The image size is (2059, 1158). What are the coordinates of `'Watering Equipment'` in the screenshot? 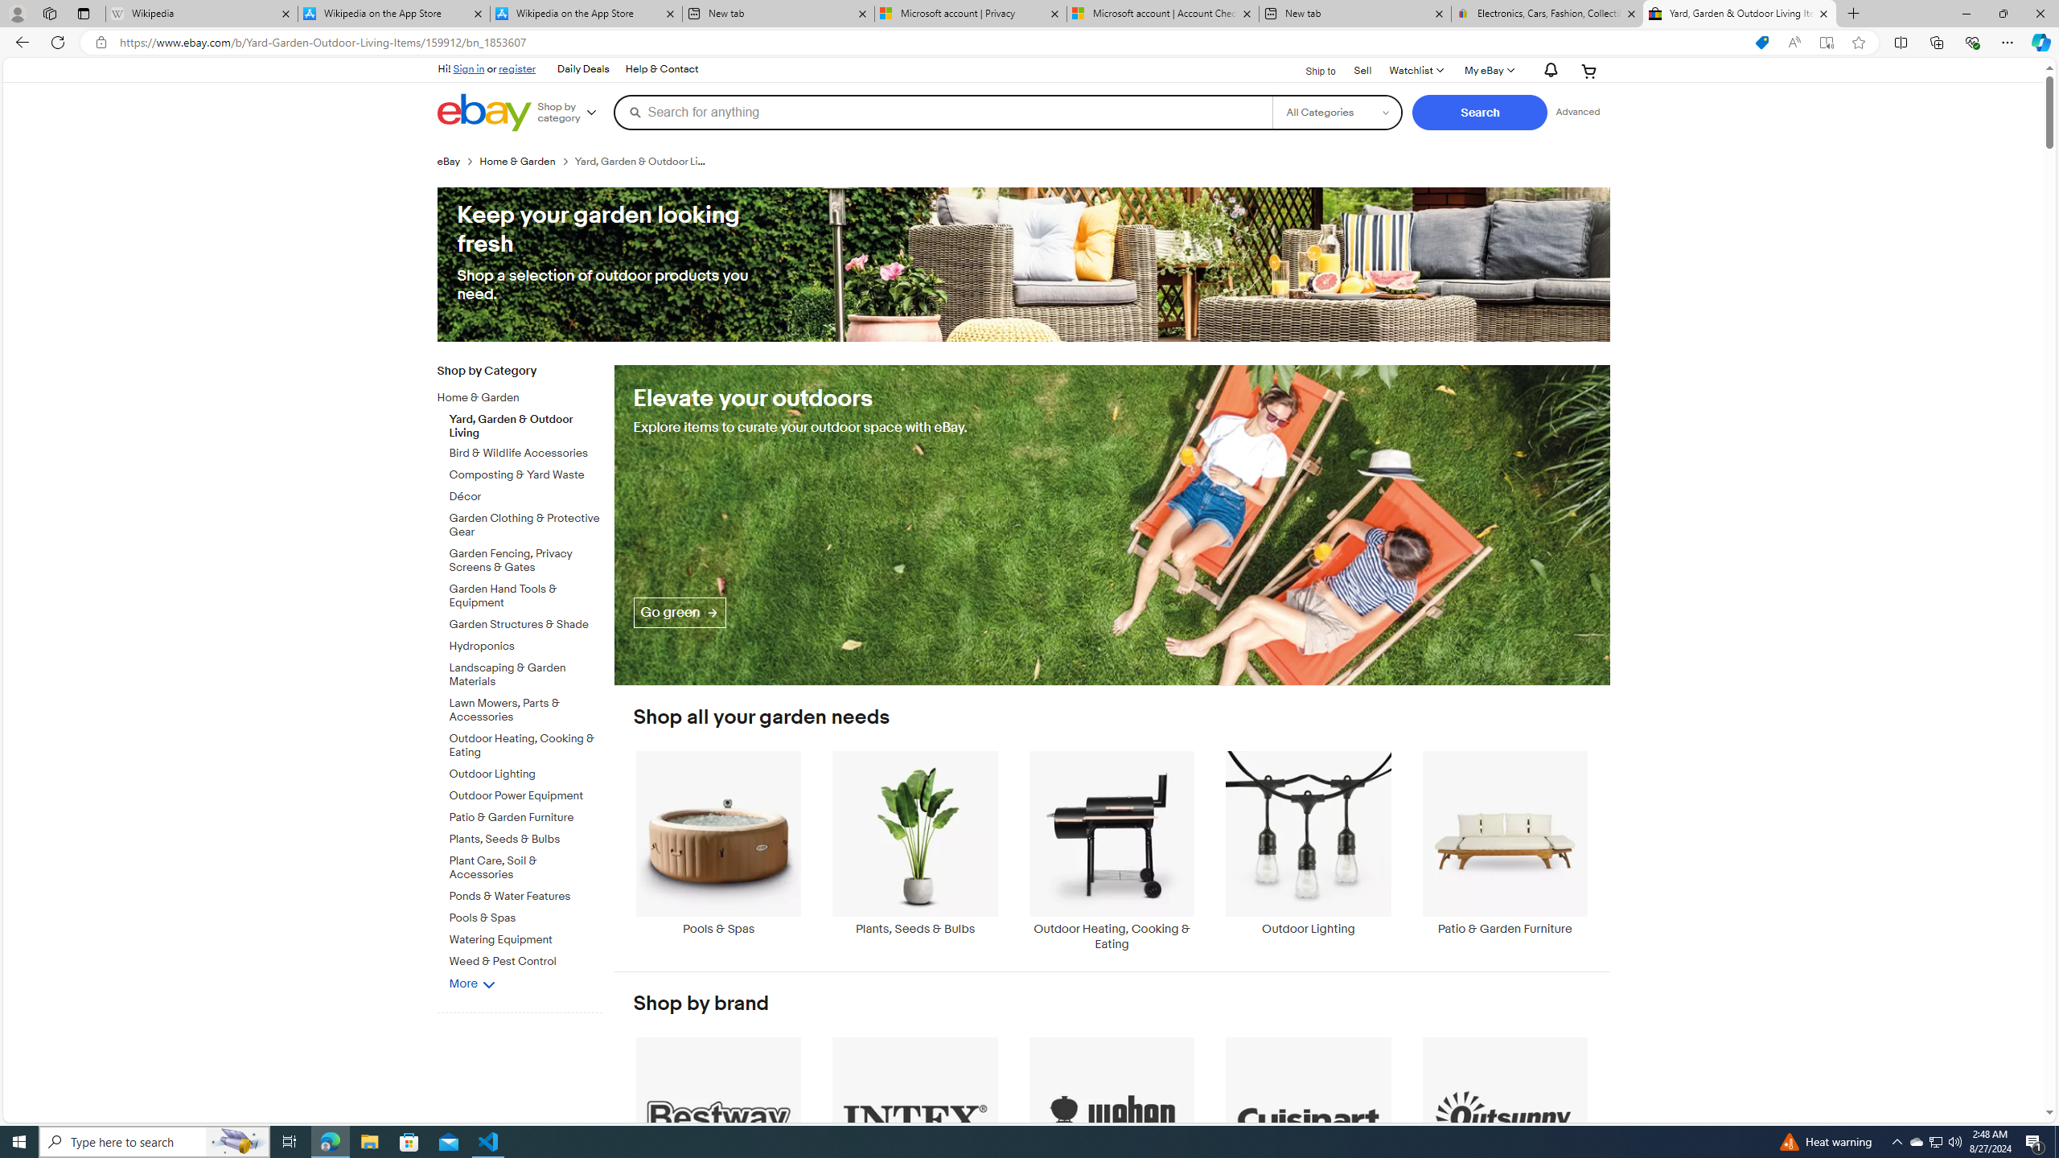 It's located at (525, 940).